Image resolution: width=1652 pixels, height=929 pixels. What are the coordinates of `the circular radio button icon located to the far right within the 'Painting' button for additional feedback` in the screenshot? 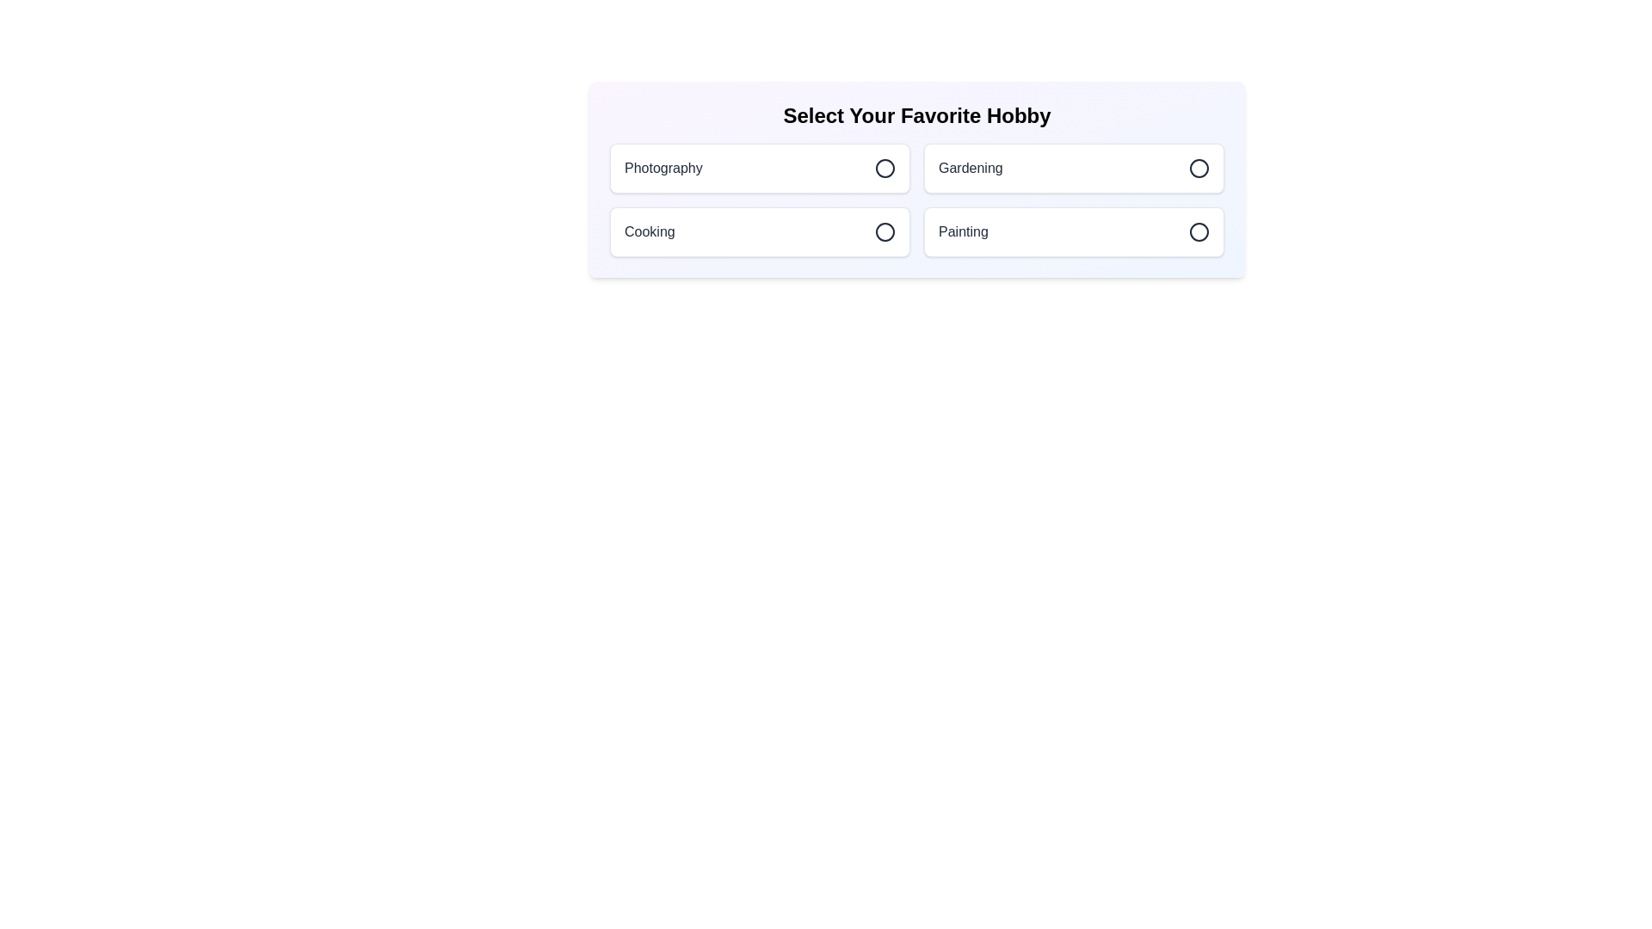 It's located at (1198, 232).